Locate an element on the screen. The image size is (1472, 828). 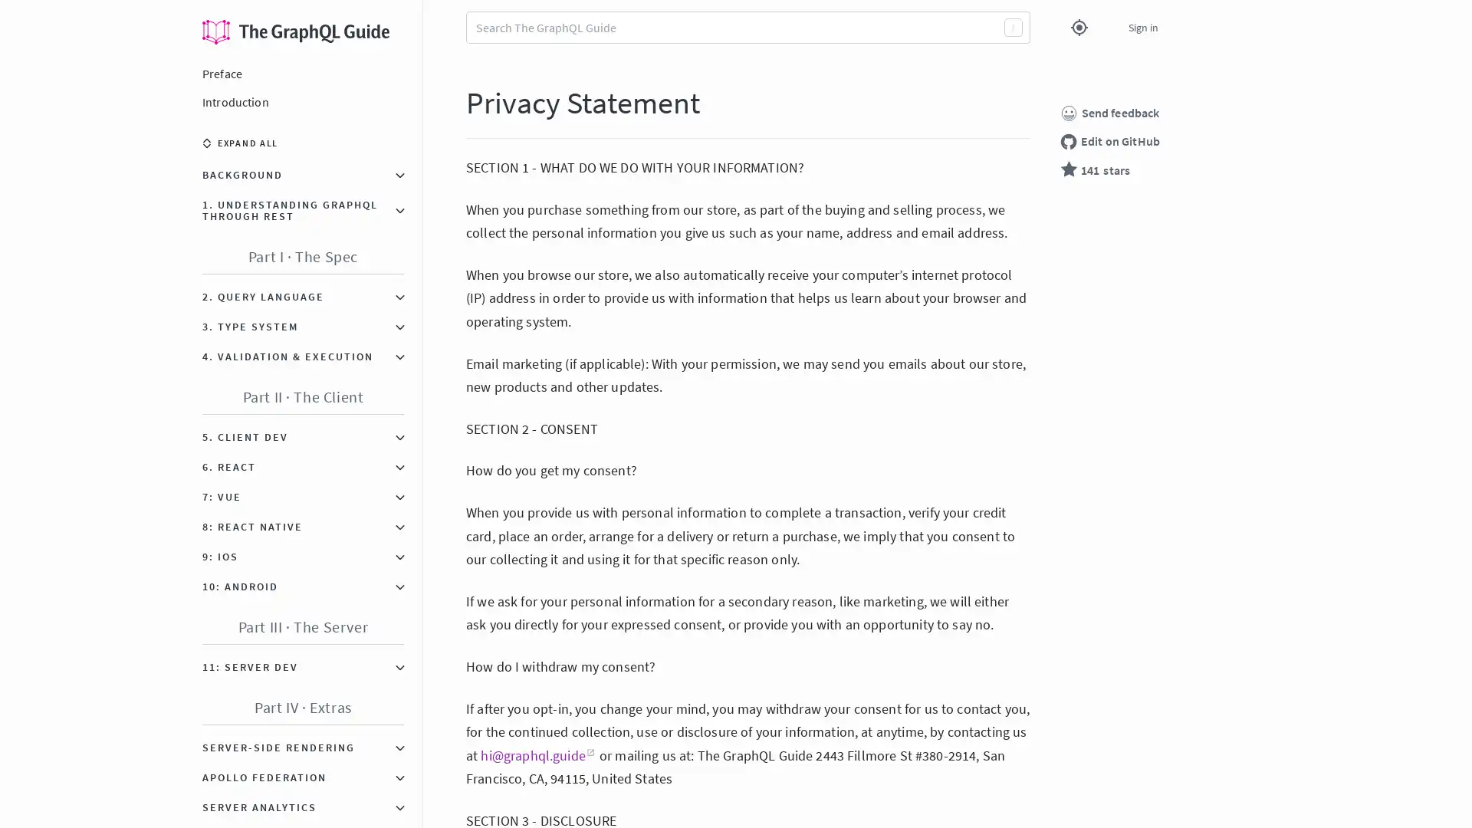
EXPAND ALL is located at coordinates (239, 143).